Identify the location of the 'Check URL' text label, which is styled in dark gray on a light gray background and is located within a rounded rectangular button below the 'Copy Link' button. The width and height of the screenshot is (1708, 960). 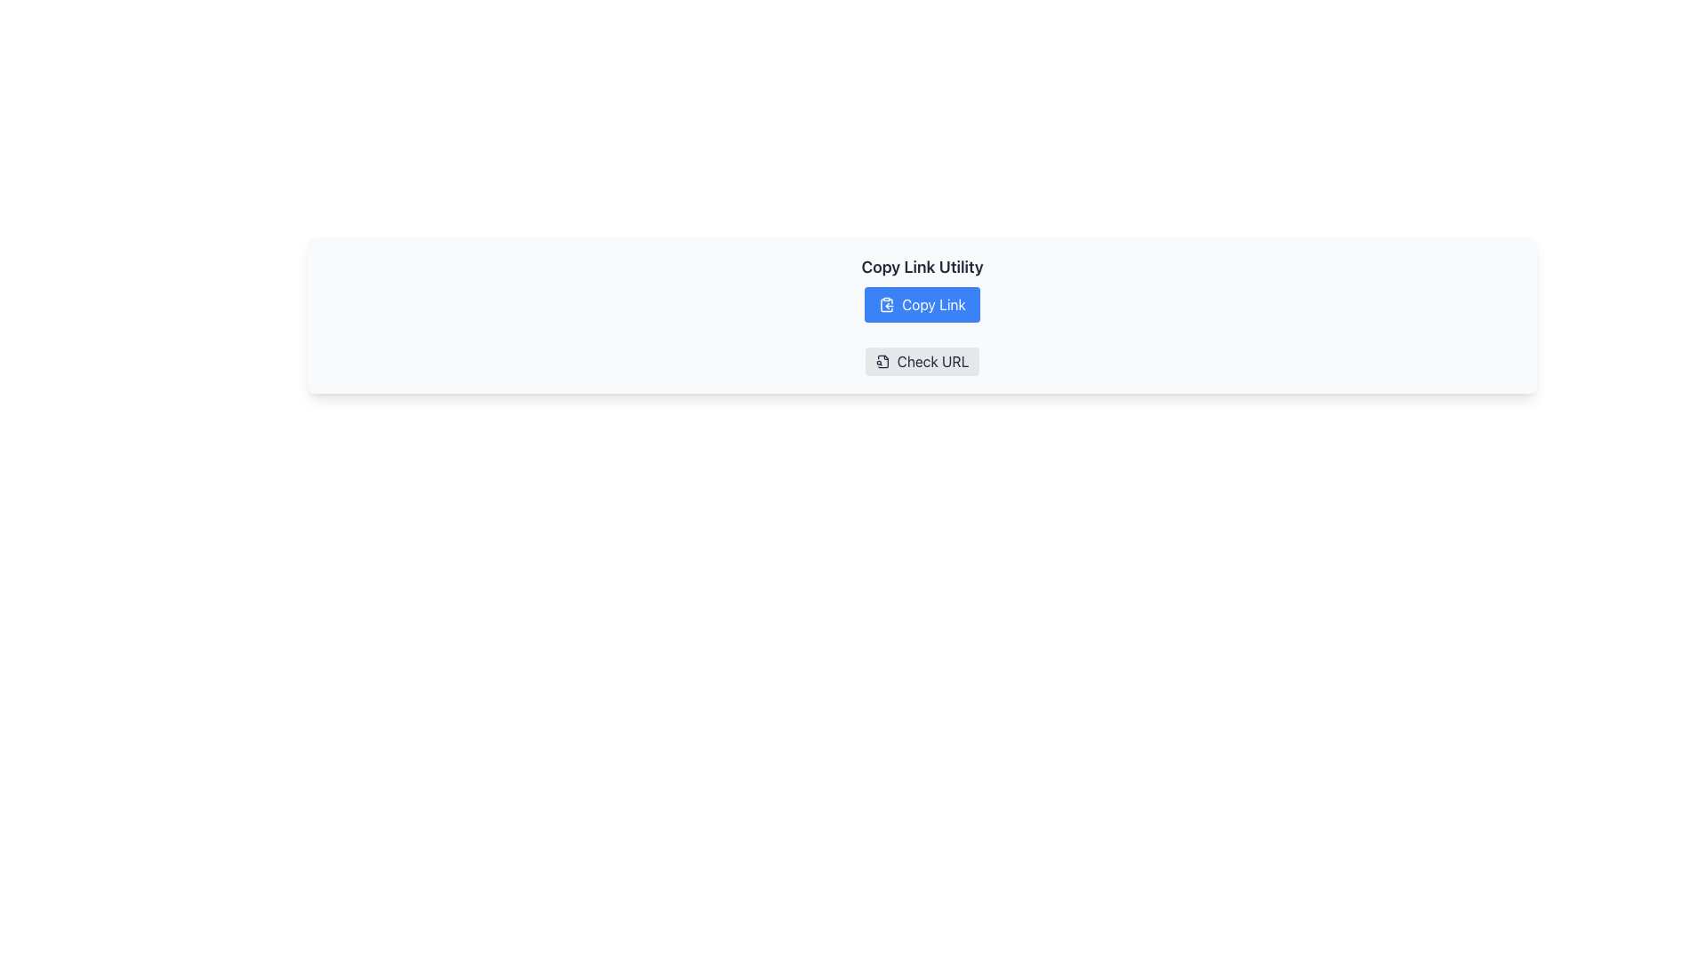
(931, 361).